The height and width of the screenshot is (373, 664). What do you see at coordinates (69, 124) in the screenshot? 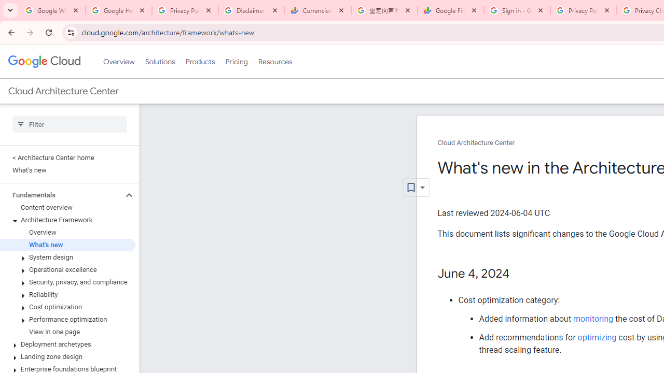
I see `'Type to filter'` at bounding box center [69, 124].